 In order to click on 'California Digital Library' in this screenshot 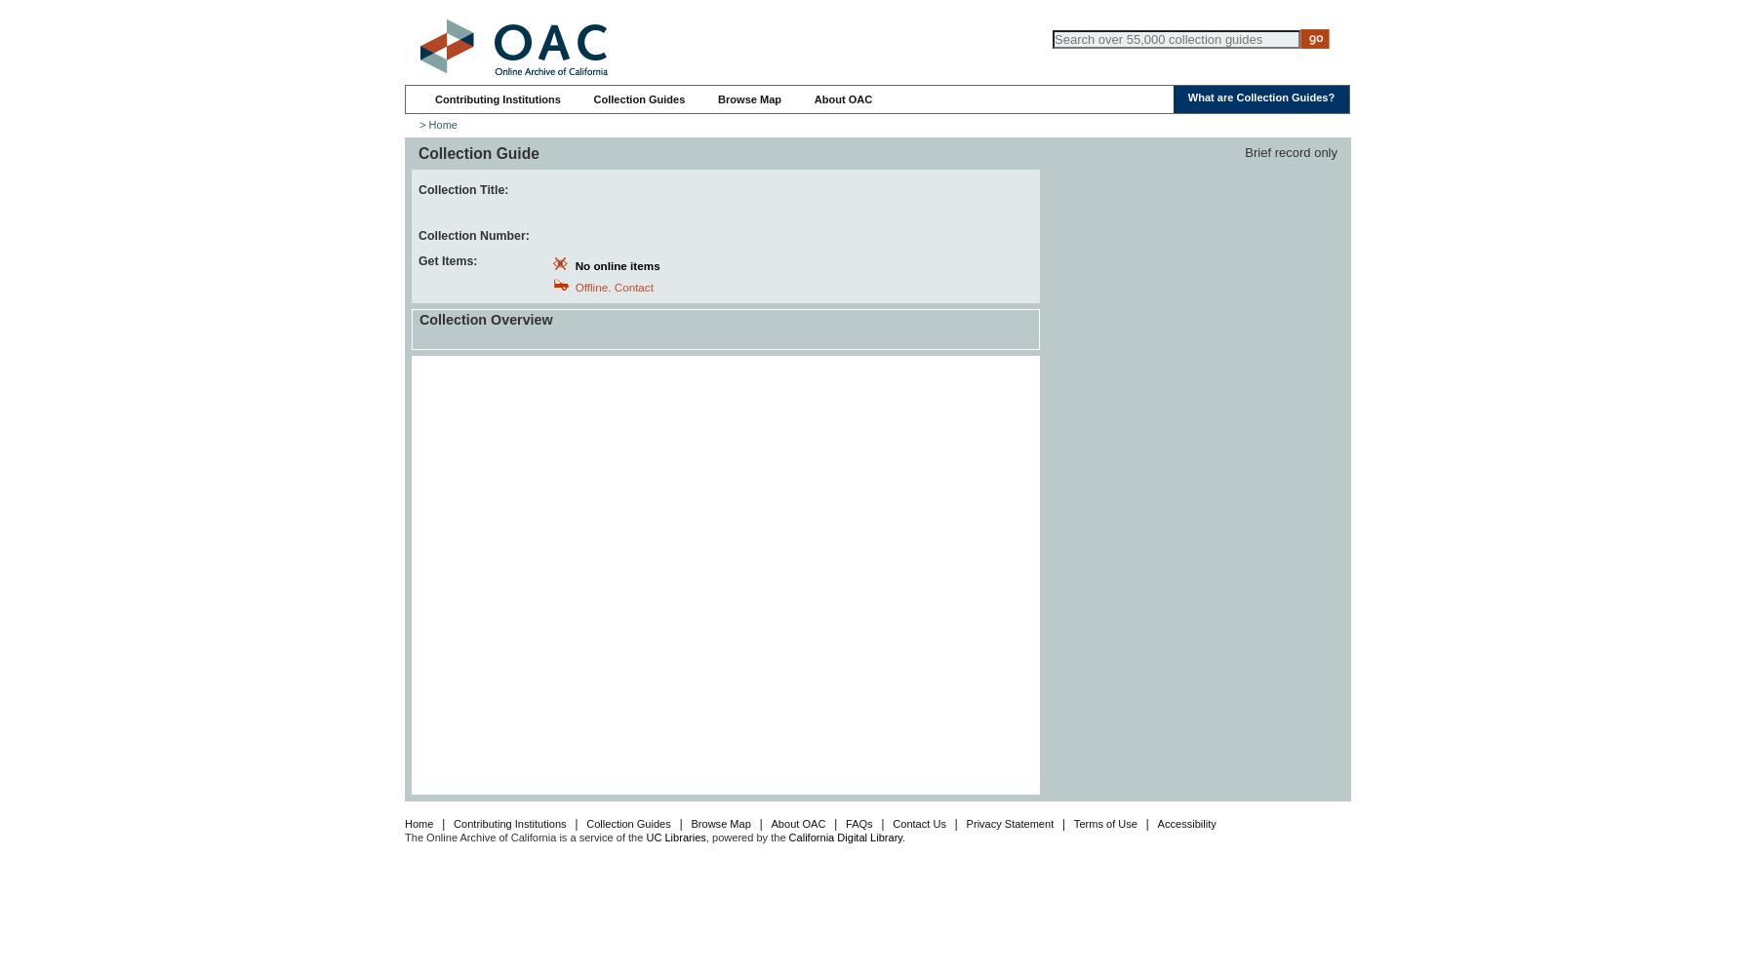, I will do `click(788, 836)`.